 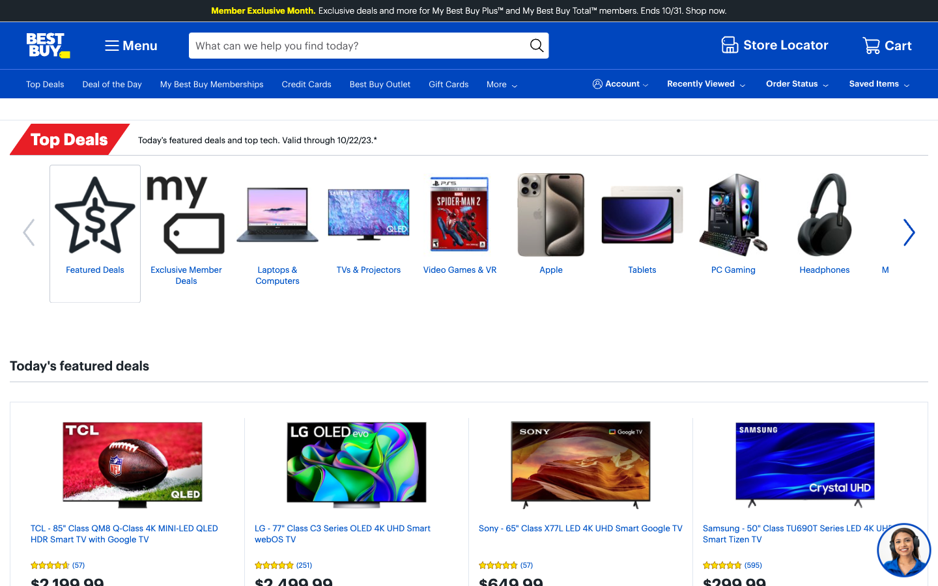 I want to click on the Today"s featured deals and select the first listing, so click(x=132, y=464).